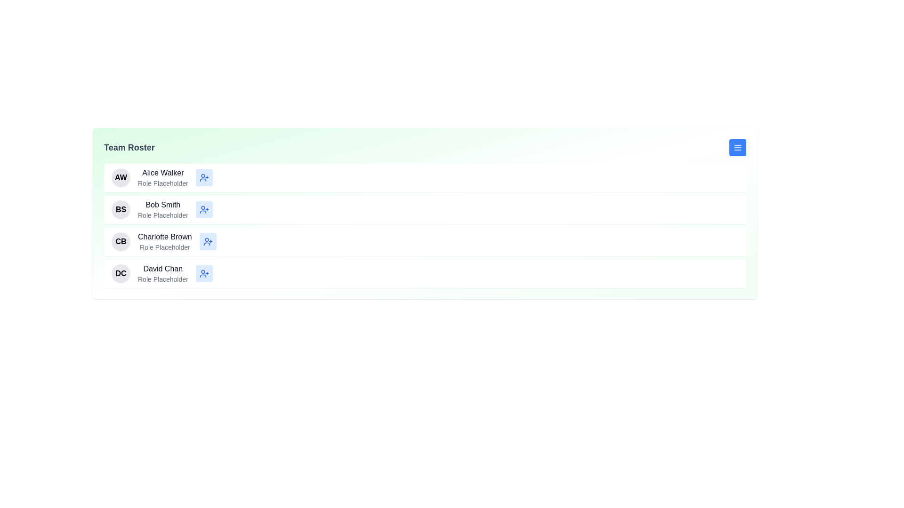  Describe the element at coordinates (207, 241) in the screenshot. I see `the blue person silhouette icon with a plus sign located on the right side of the 'Charlotte Brown' list item` at that location.